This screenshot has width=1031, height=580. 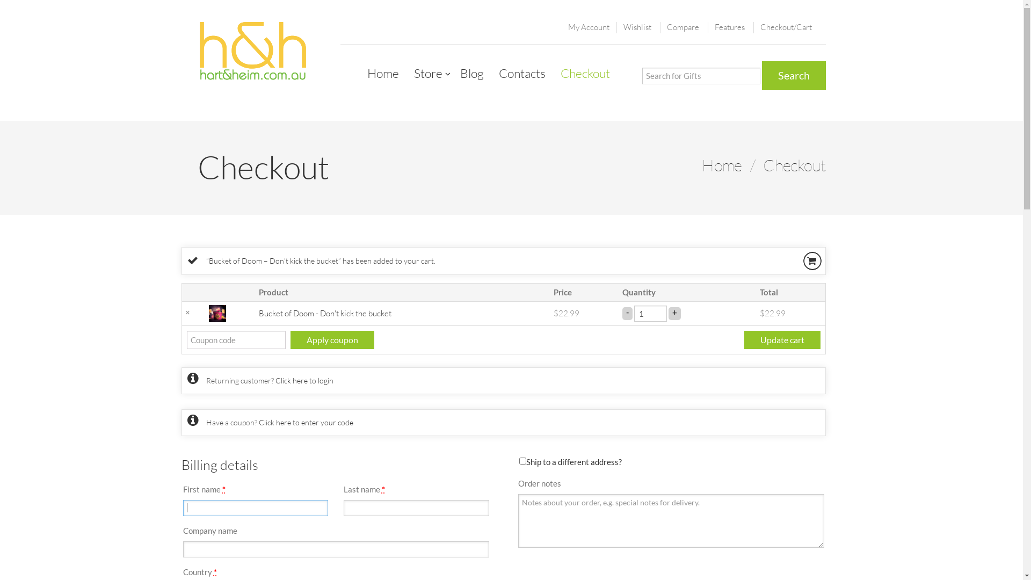 What do you see at coordinates (714, 26) in the screenshot?
I see `'Features'` at bounding box center [714, 26].